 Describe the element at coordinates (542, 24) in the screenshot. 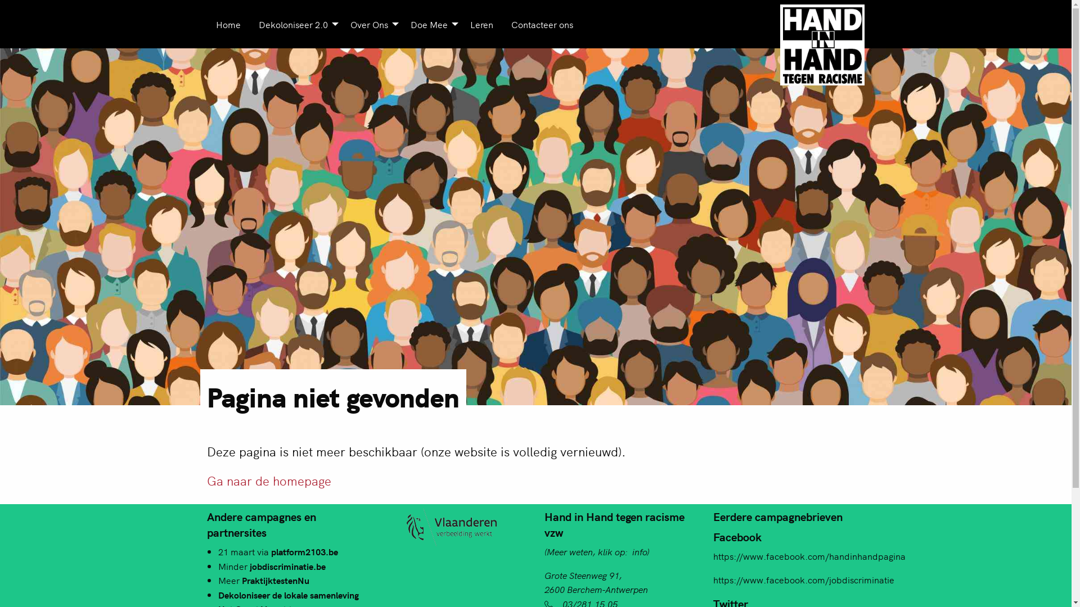

I see `'Contacteer ons'` at that location.